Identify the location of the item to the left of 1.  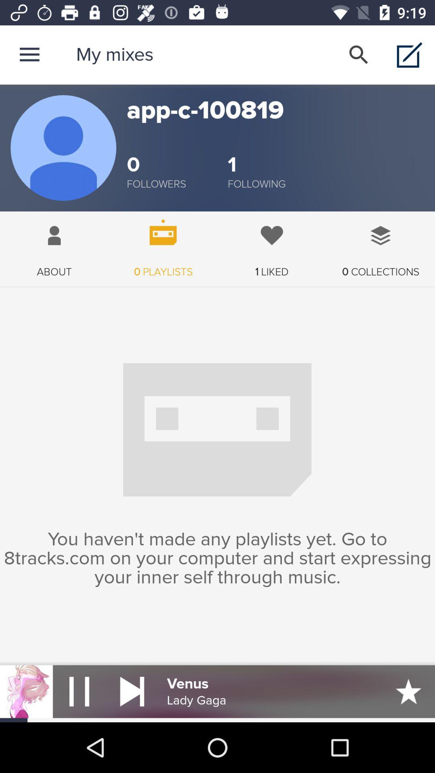
(156, 184).